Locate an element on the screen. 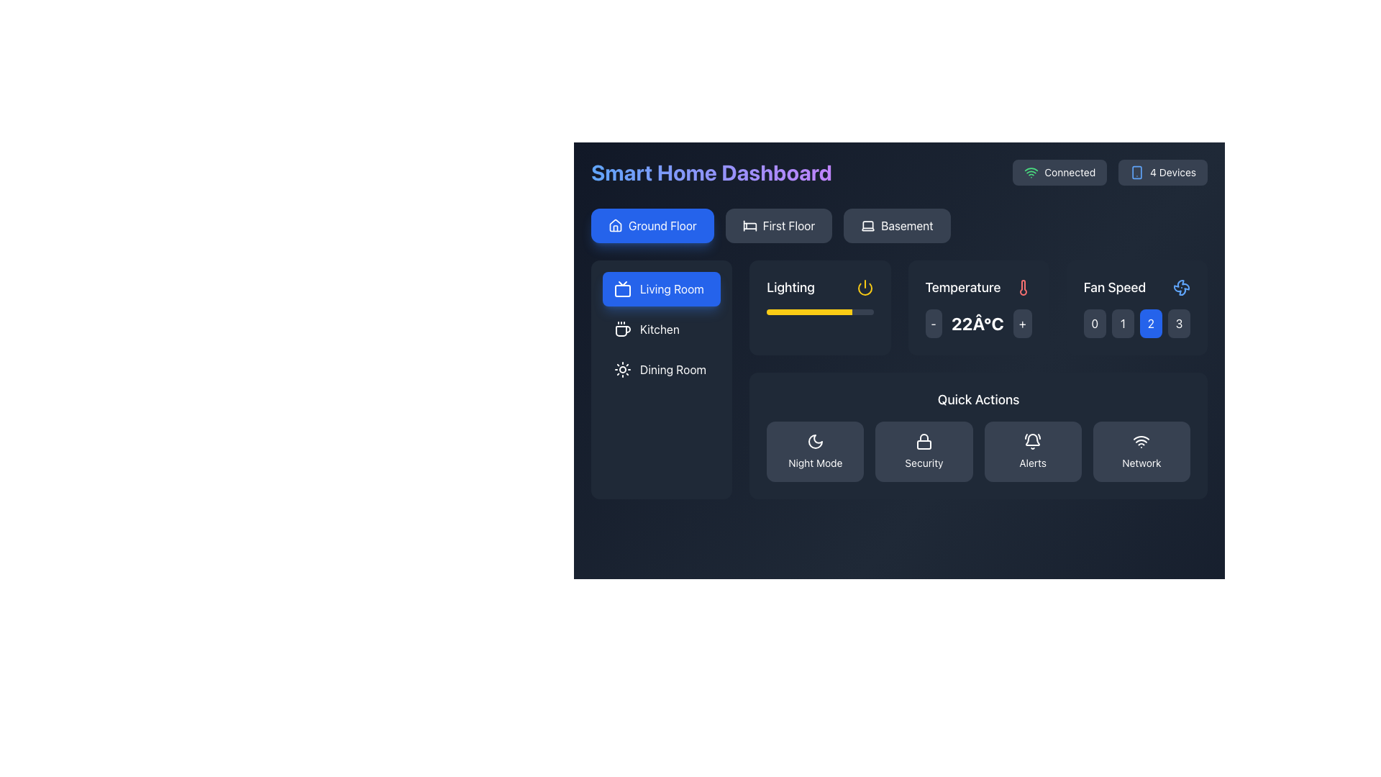  navigation label 'Kitchen' which is the second item in the vertical navigation menu, located centrally between the 'Living Room' and 'Dining Room' options is located at coordinates (659, 330).